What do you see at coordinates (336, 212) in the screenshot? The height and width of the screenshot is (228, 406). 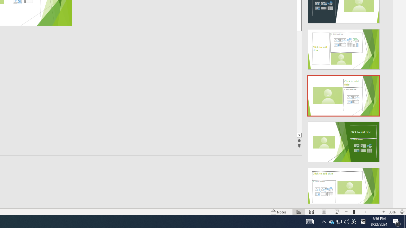 I see `'Slide Show'` at bounding box center [336, 212].